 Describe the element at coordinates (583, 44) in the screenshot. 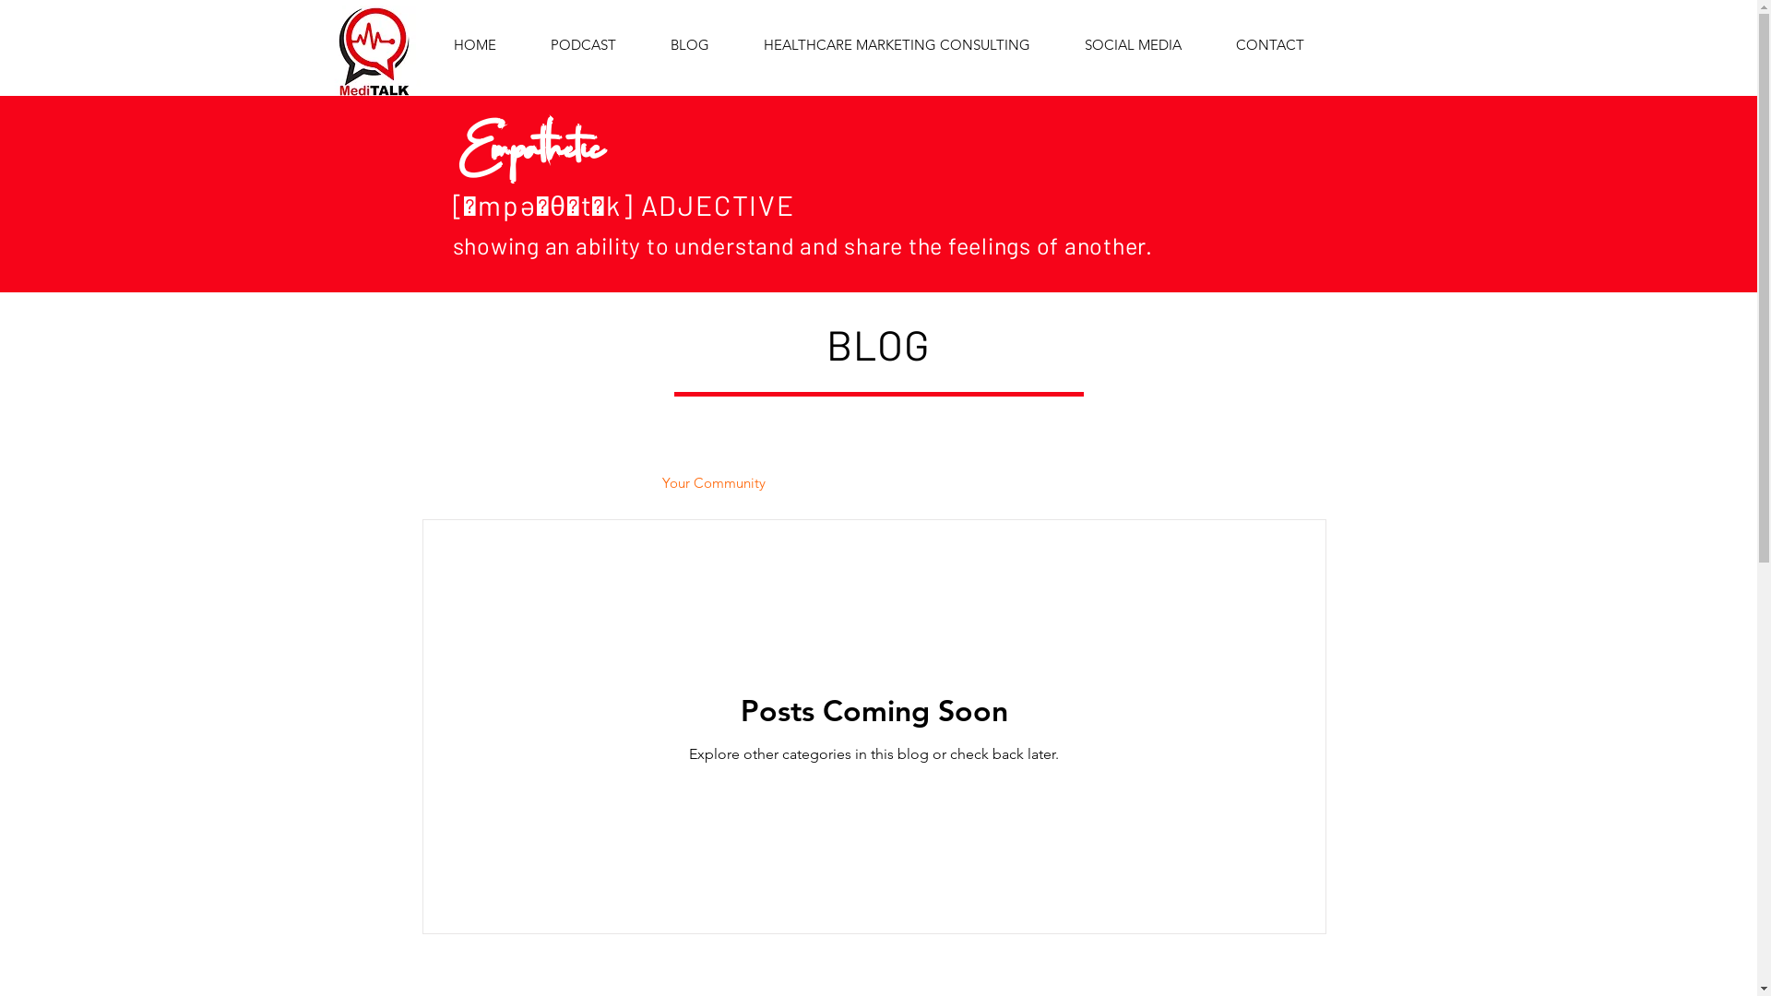

I see `'PODCAST'` at that location.